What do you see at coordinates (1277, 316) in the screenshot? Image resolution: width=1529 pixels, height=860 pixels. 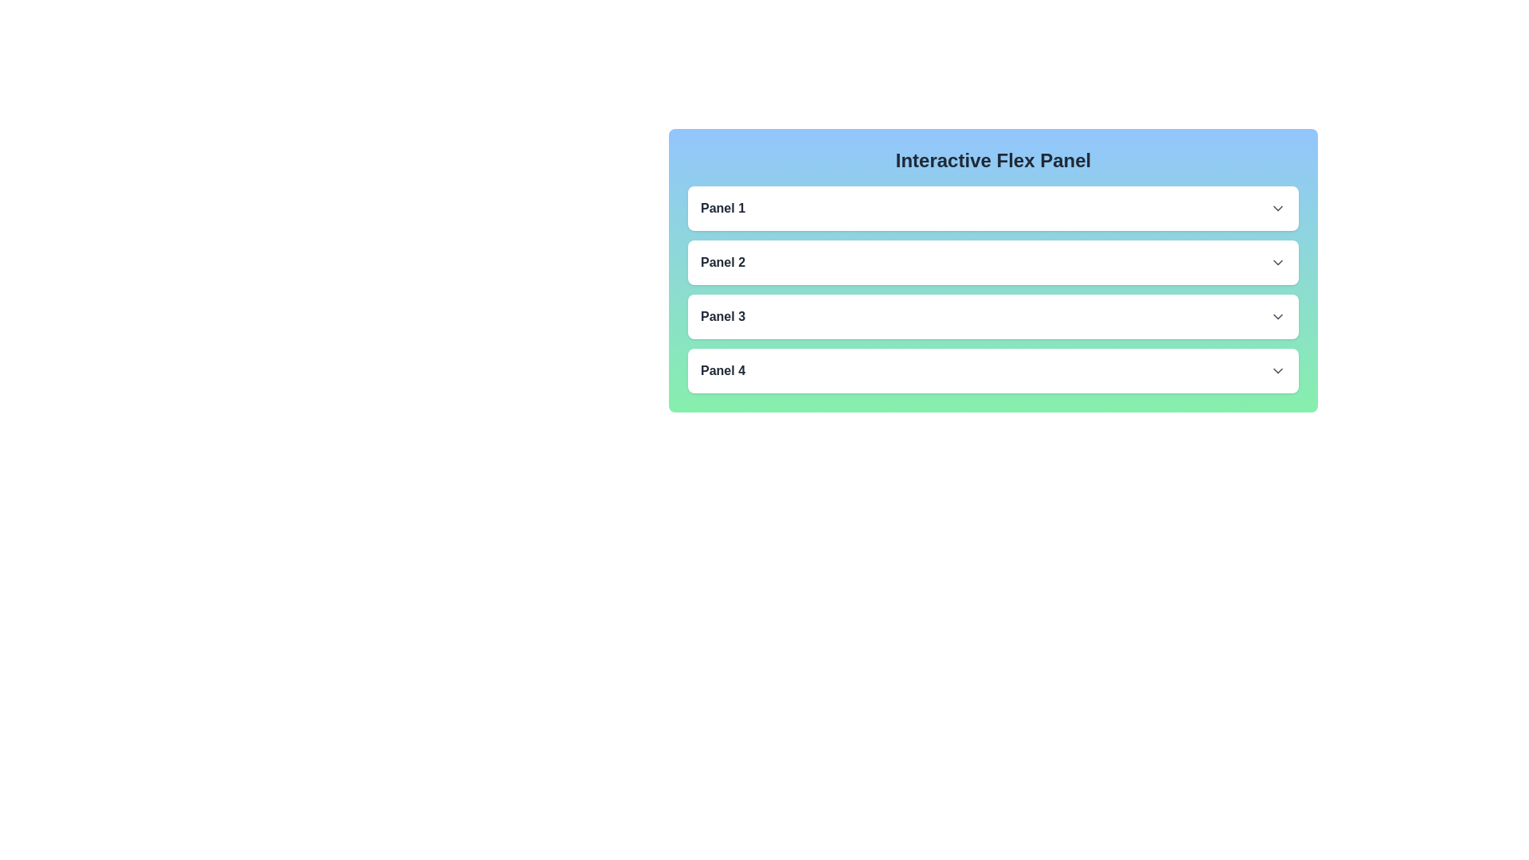 I see `the SVG Icon that indicates the collapsible state of 'Panel 3', located to the right of the label 'Panel 3'` at bounding box center [1277, 316].